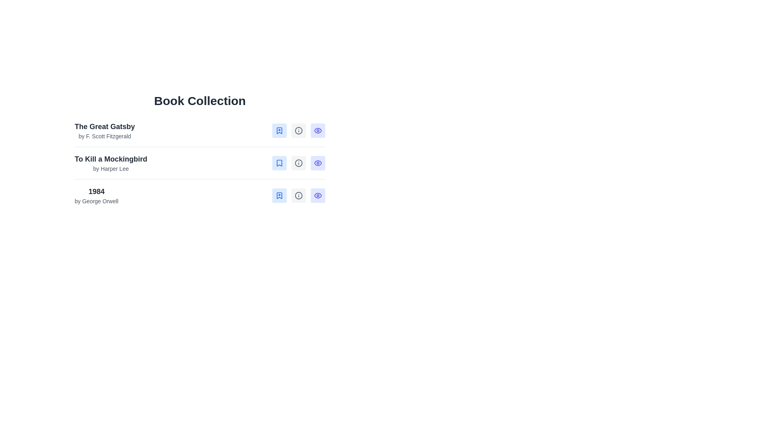  What do you see at coordinates (318, 130) in the screenshot?
I see `the 'View Summary' button, which is the third button from the right in its group` at bounding box center [318, 130].